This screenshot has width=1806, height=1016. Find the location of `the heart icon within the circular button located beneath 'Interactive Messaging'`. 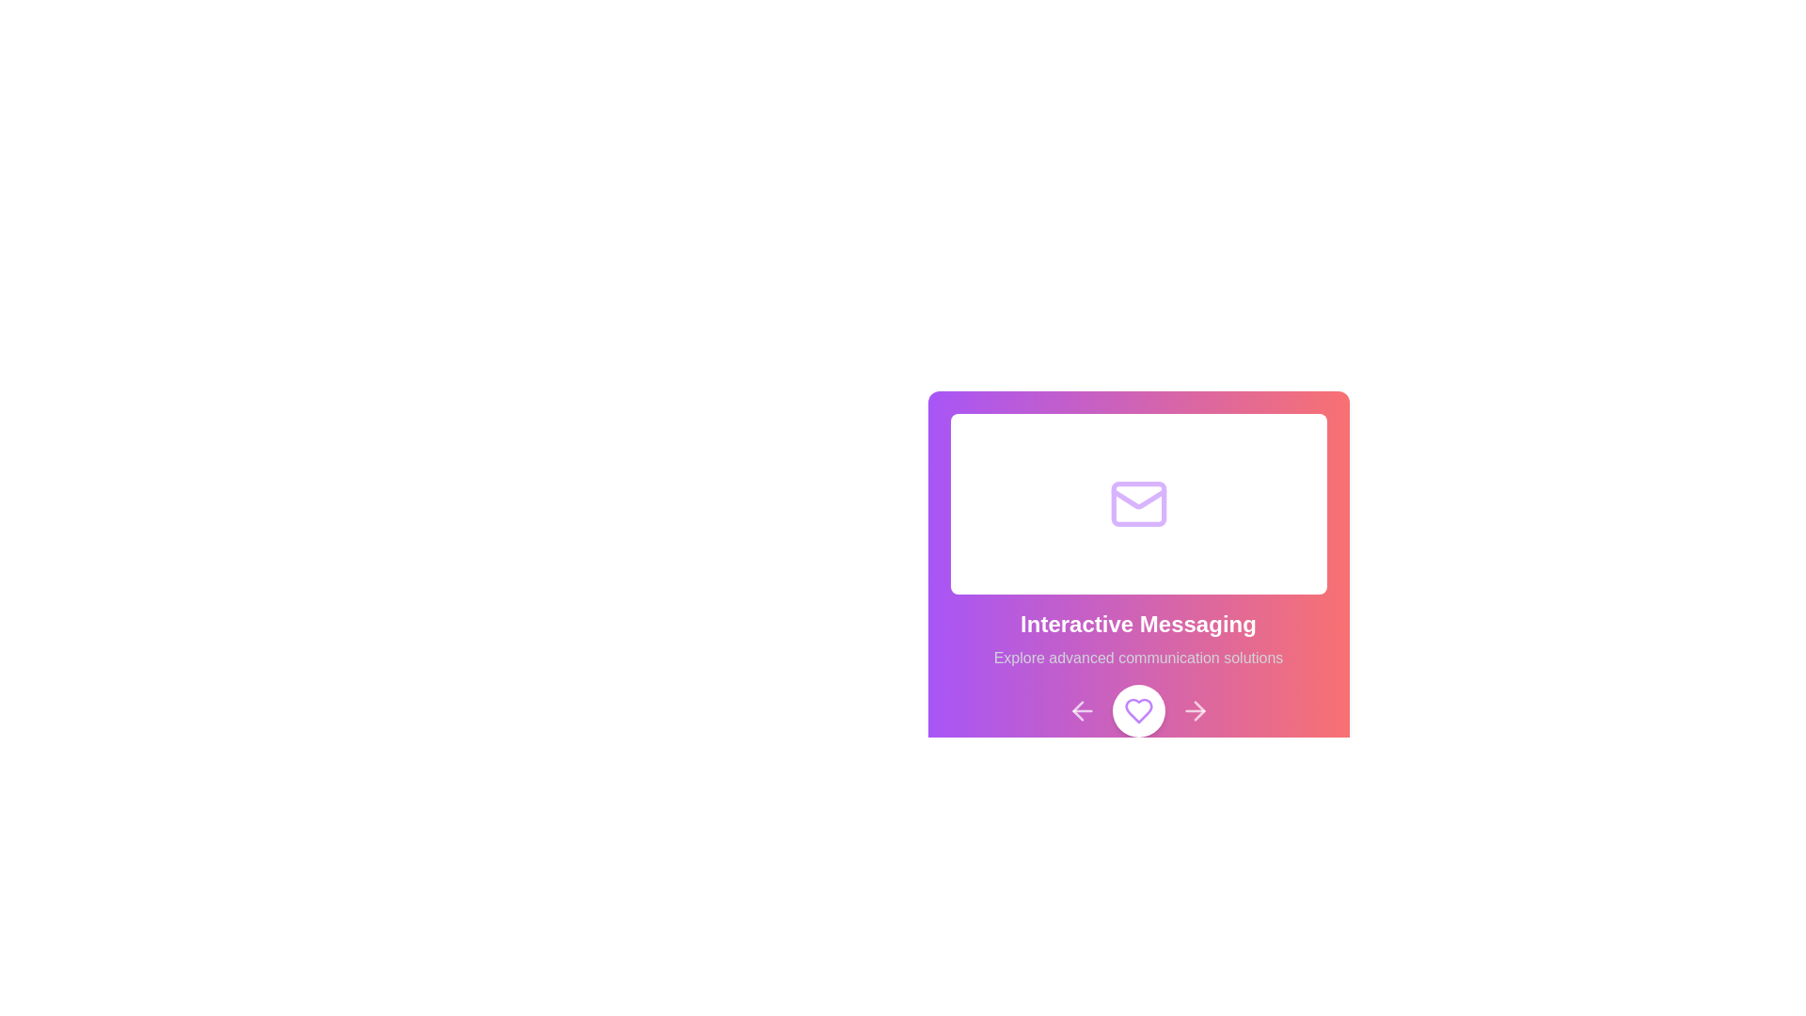

the heart icon within the circular button located beneath 'Interactive Messaging' is located at coordinates (1137, 711).